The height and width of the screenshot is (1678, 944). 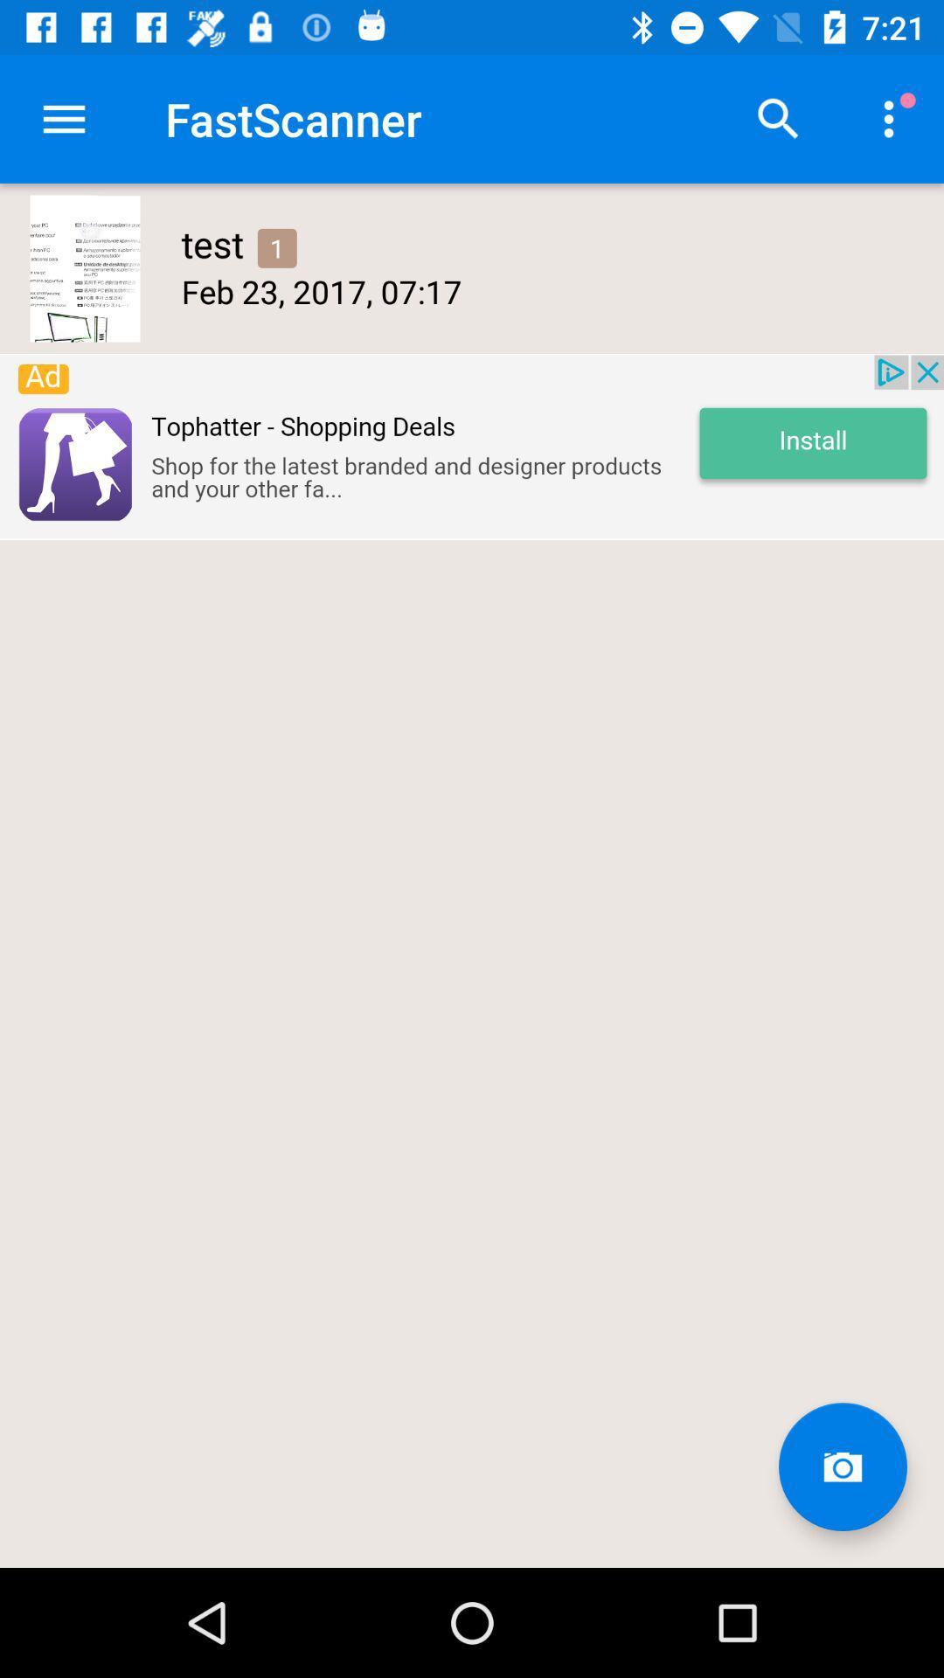 What do you see at coordinates (472, 447) in the screenshot?
I see `advertisement button` at bounding box center [472, 447].